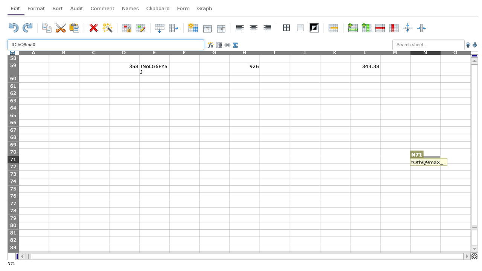  What do you see at coordinates (470, 251) in the screenshot?
I see `fill handle of O83` at bounding box center [470, 251].